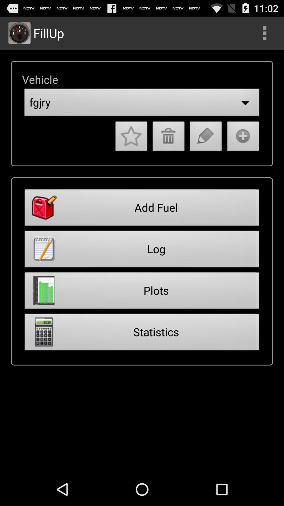 This screenshot has width=284, height=506. I want to click on more features, so click(265, 33).